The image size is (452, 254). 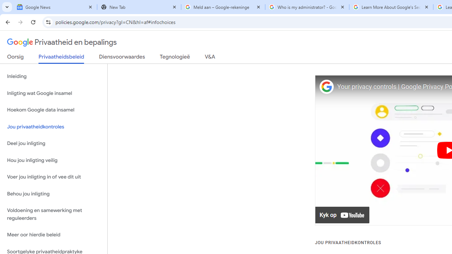 What do you see at coordinates (53, 126) in the screenshot?
I see `'Jou privaatheidkontroles'` at bounding box center [53, 126].